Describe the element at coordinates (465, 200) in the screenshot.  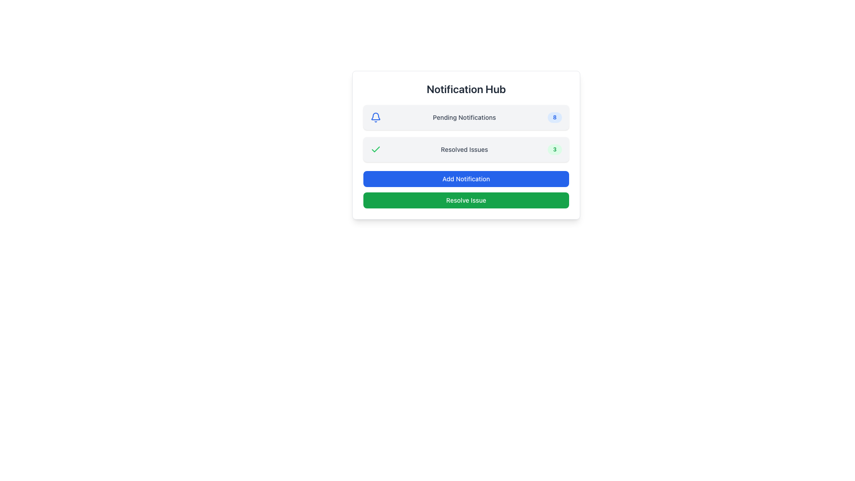
I see `the 'Resolve Issue' button, which has a green background and white text` at that location.